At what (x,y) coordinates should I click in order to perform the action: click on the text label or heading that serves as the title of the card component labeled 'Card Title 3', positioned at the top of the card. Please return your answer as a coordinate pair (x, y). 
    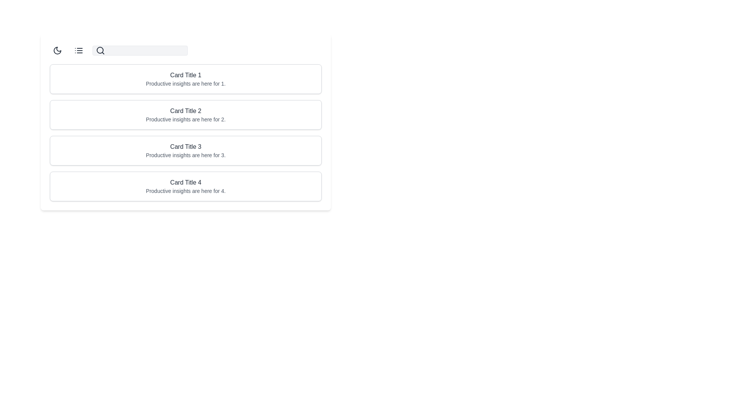
    Looking at the image, I should click on (186, 147).